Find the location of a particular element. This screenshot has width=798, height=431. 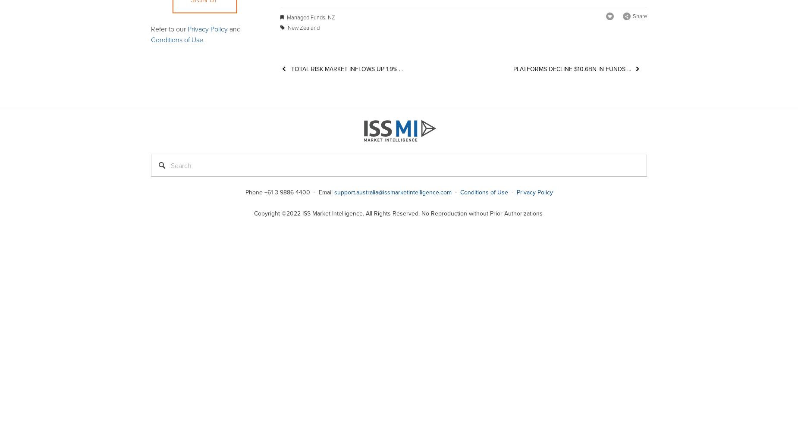

',' is located at coordinates (326, 17).